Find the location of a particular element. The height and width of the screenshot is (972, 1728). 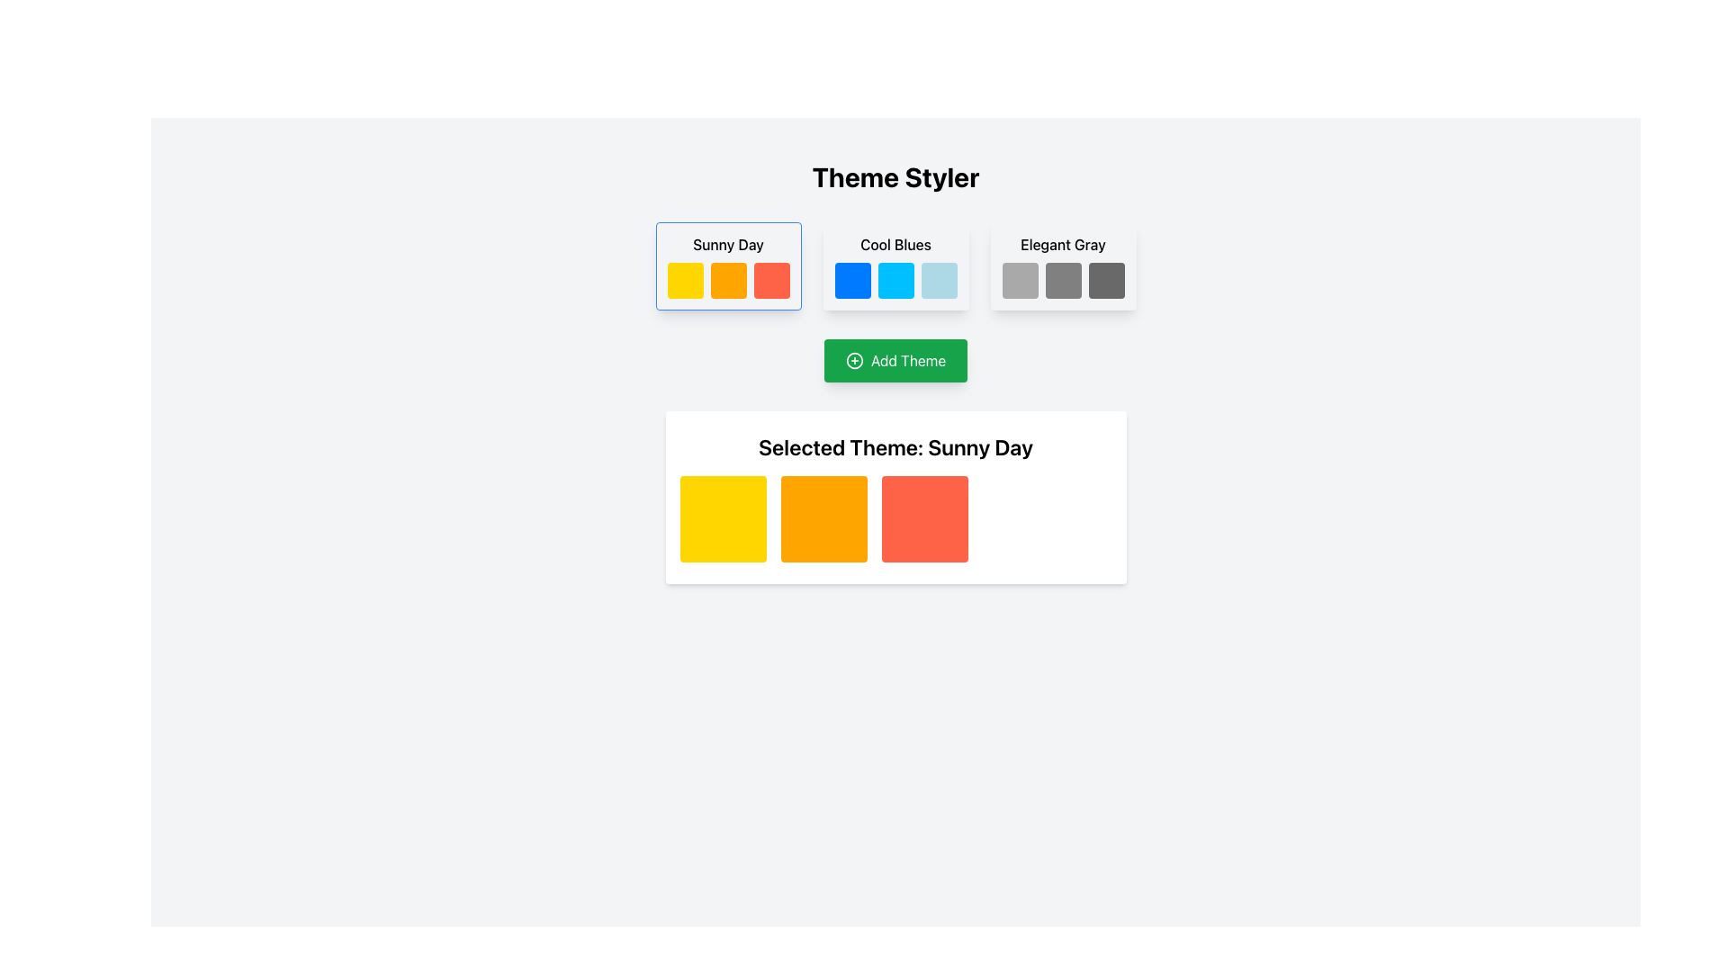

the bold header text 'Theme Styler', which is centrally located at the top of the content area, serving as the title for the UI is located at coordinates (895, 176).